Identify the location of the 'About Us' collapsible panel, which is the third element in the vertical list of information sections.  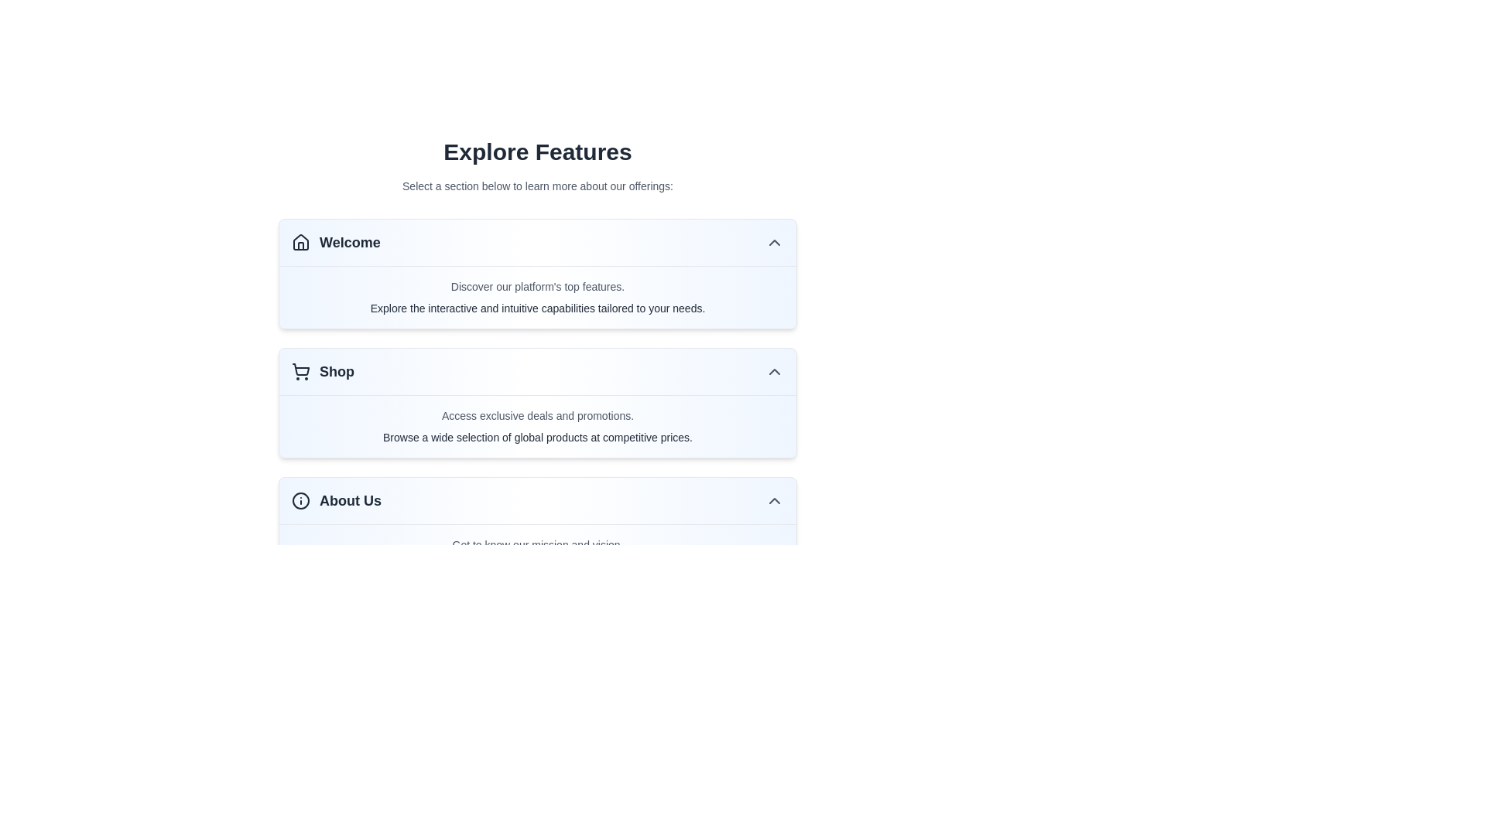
(538, 530).